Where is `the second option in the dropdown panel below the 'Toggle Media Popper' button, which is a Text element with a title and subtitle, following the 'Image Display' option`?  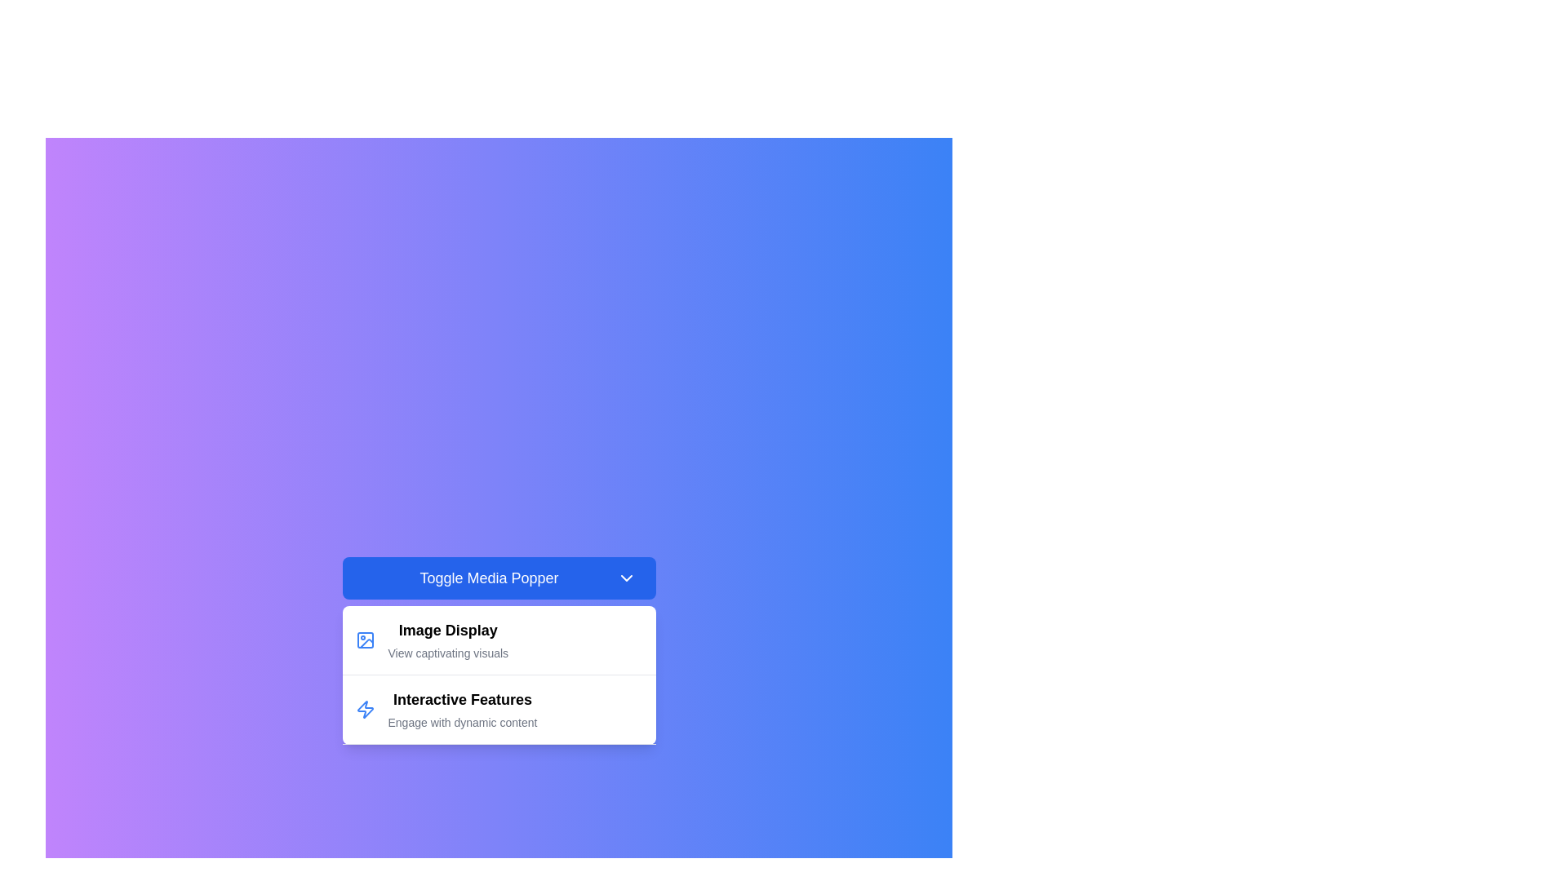
the second option in the dropdown panel below the 'Toggle Media Popper' button, which is a Text element with a title and subtitle, following the 'Image Display' option is located at coordinates (461, 709).